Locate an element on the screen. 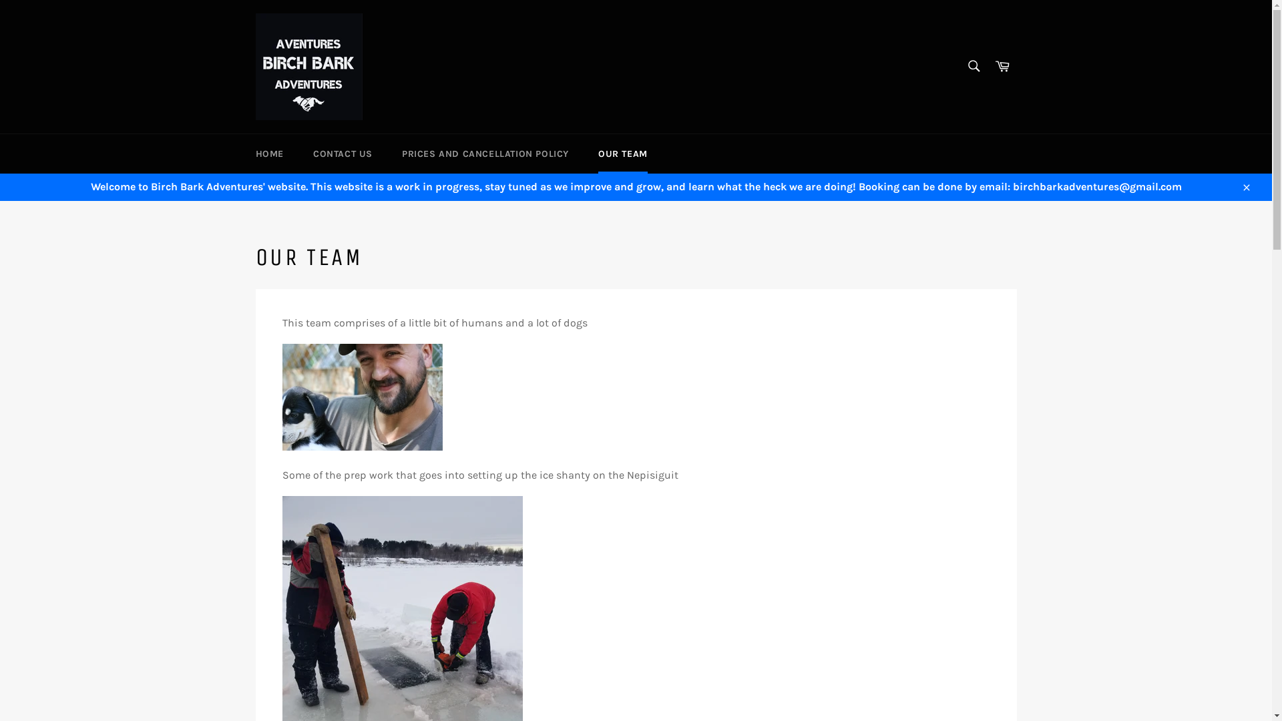  'OUR TEAM' is located at coordinates (622, 153).